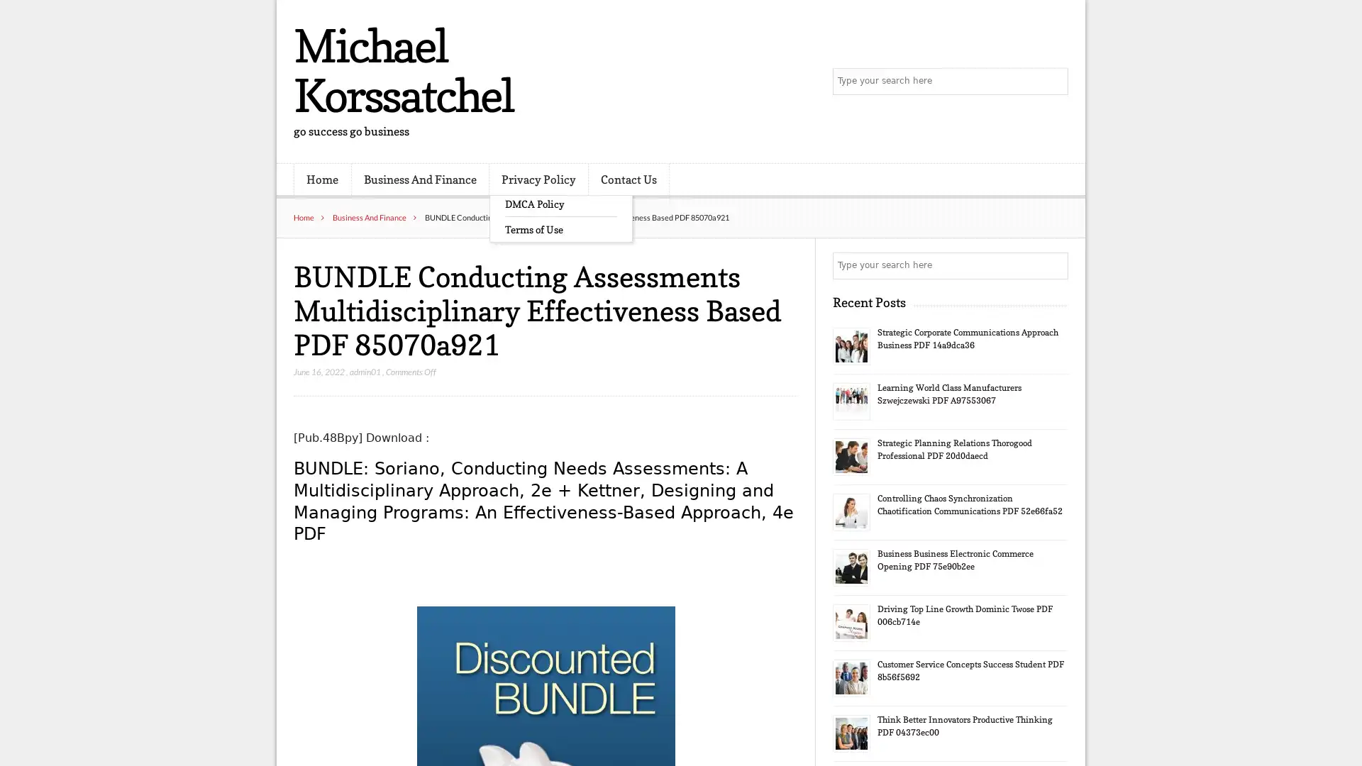 This screenshot has width=1362, height=766. Describe the element at coordinates (1053, 82) in the screenshot. I see `Search` at that location.